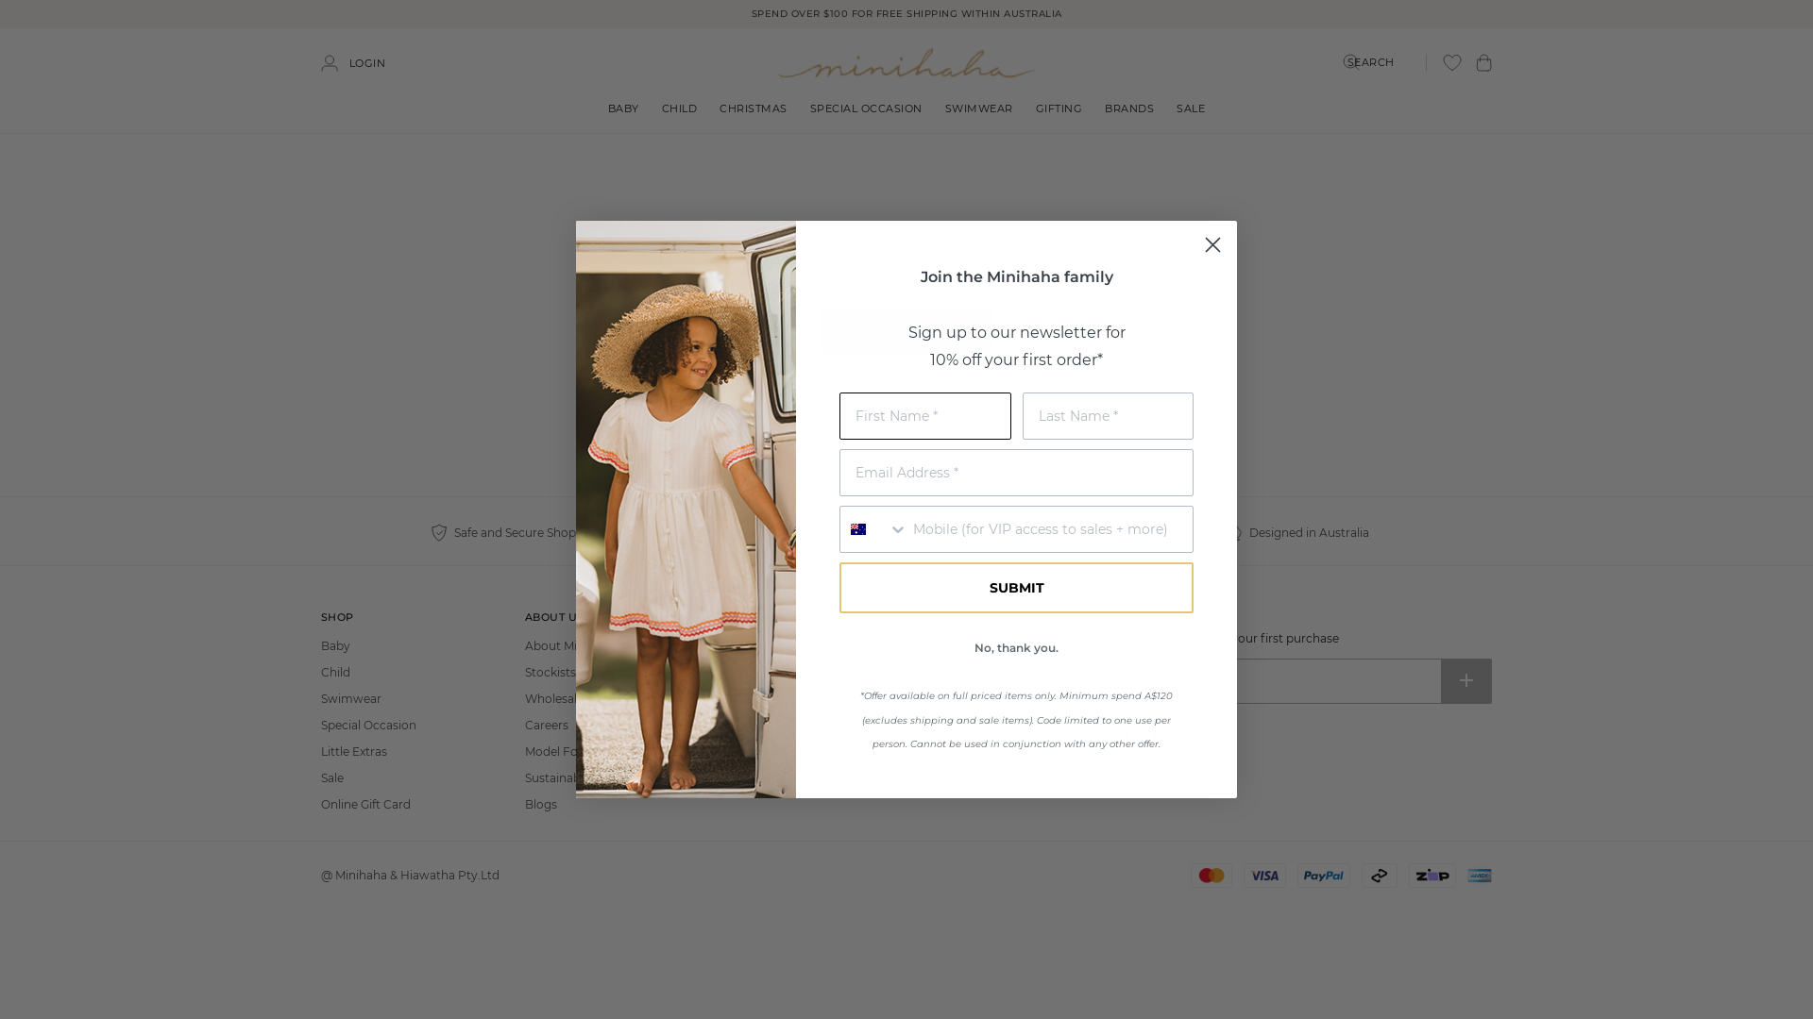  I want to click on 'About Minihaha', so click(569, 644).